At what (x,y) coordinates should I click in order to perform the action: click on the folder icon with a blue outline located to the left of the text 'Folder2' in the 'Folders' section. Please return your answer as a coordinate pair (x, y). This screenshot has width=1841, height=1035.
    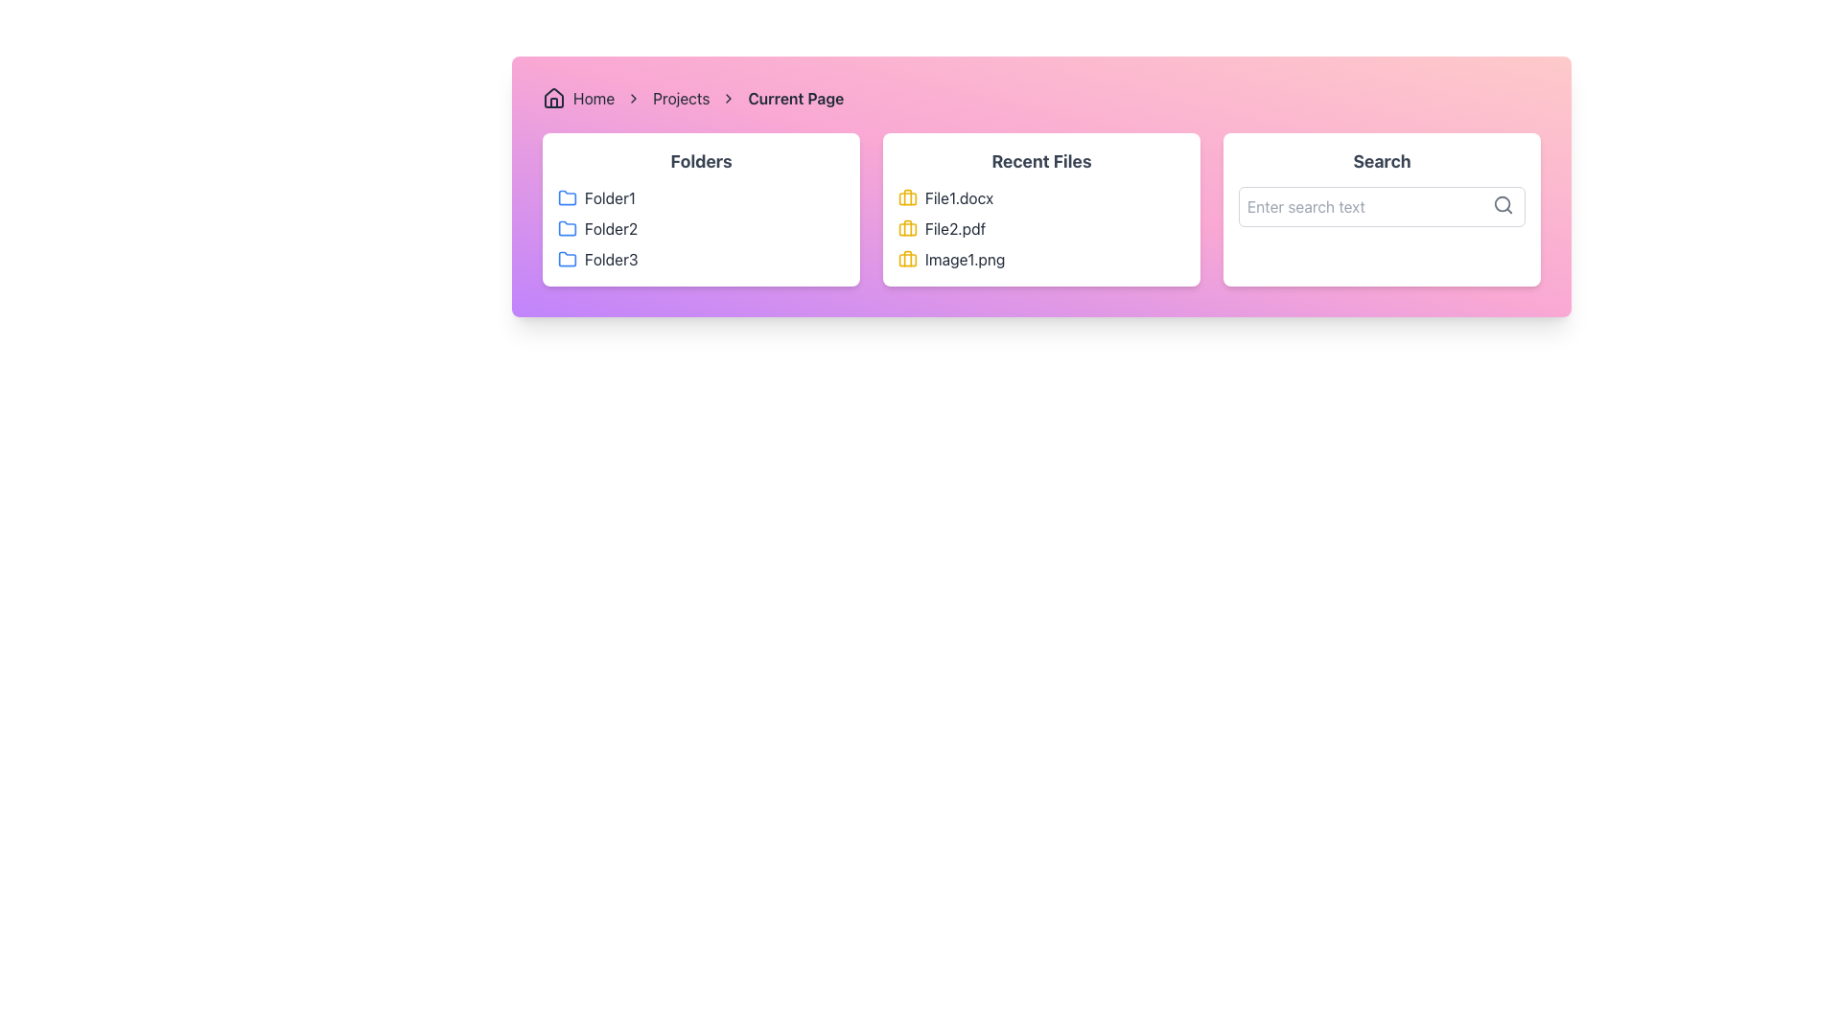
    Looking at the image, I should click on (566, 228).